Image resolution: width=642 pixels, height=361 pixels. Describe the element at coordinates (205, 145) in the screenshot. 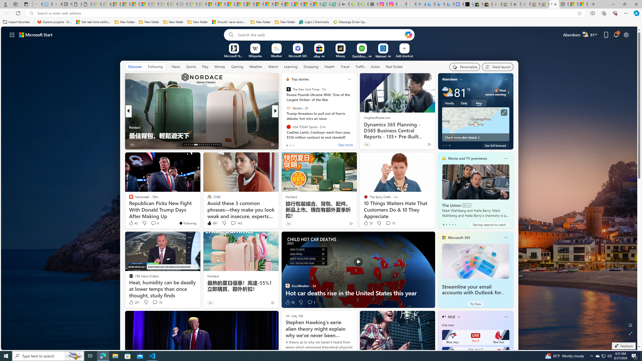

I see `'AutomationID: tab-22'` at that location.